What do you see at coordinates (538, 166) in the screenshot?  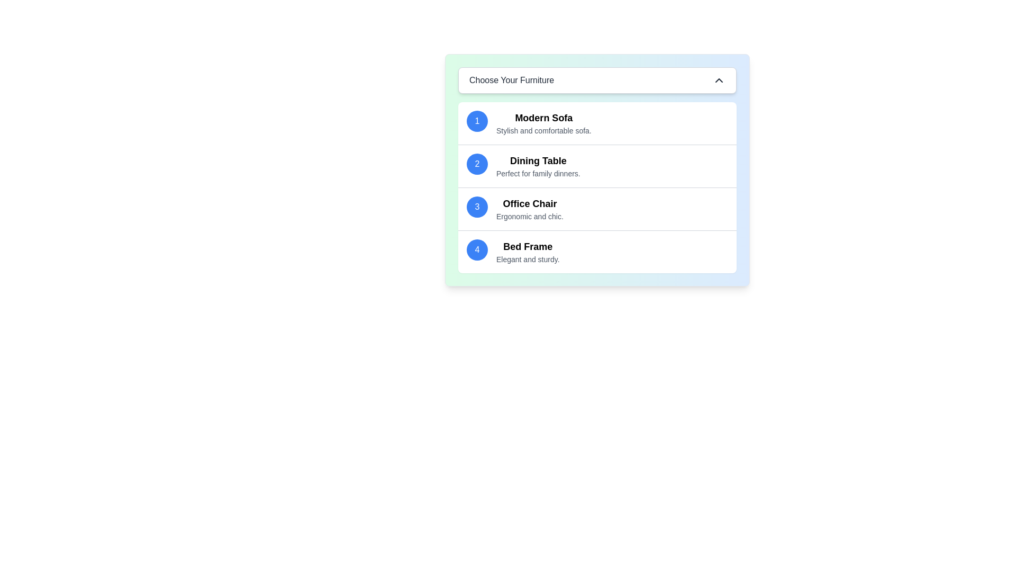 I see `the second list item labeled 'Dining Table'` at bounding box center [538, 166].